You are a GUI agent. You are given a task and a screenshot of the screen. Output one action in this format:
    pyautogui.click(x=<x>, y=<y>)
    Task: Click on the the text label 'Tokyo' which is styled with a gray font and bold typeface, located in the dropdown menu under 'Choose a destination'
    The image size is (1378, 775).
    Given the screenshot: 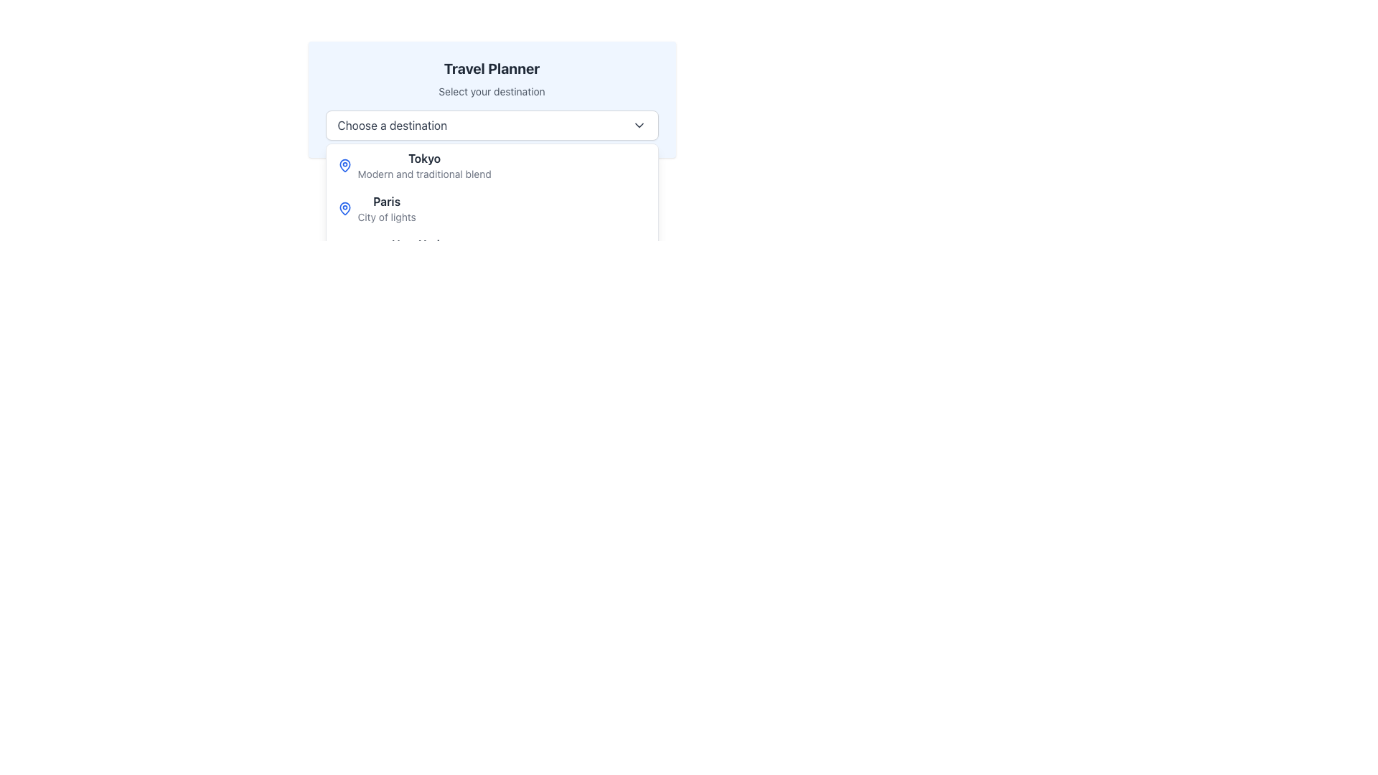 What is the action you would take?
    pyautogui.click(x=423, y=158)
    